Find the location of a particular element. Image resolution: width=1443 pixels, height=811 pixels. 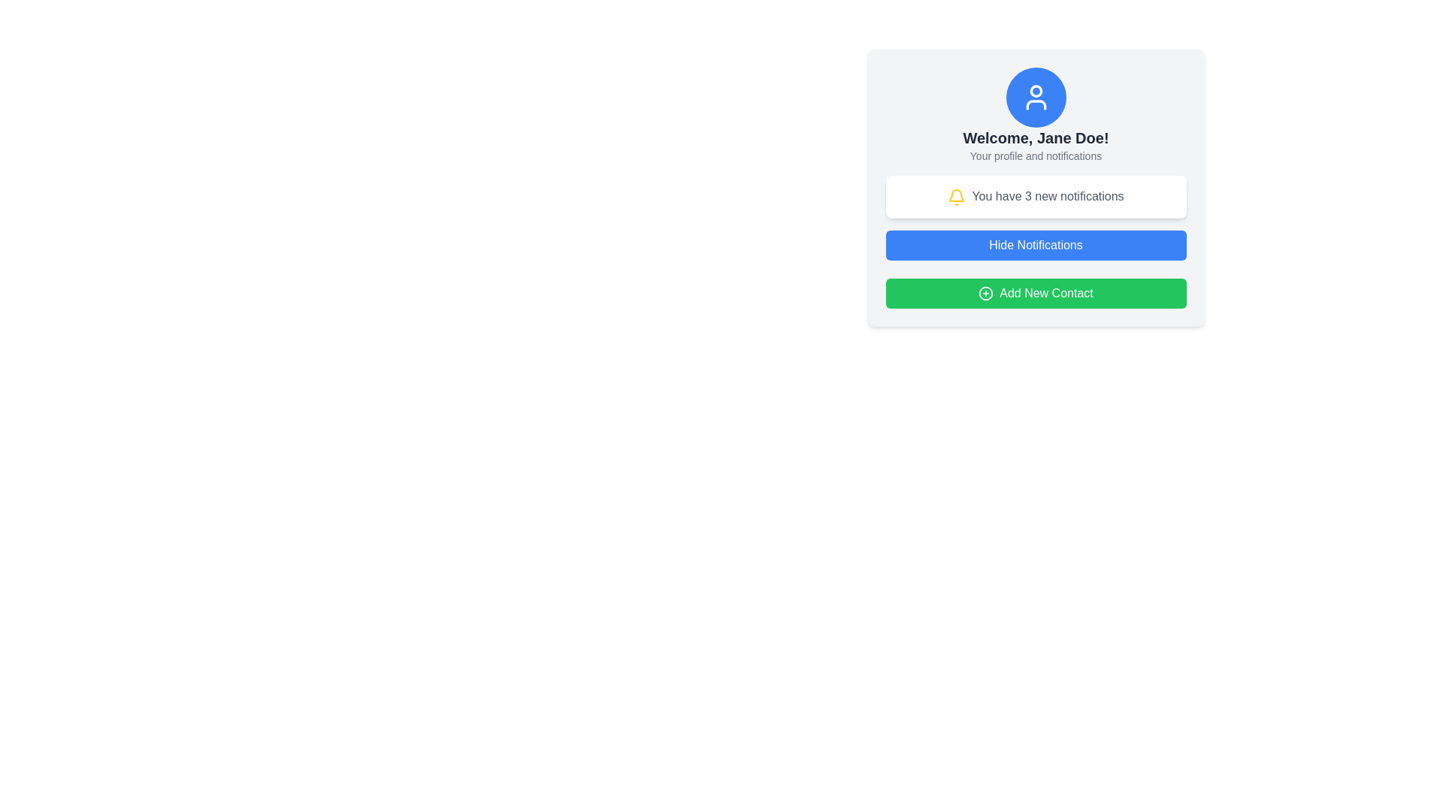

the circular avatar icon representing a user, located at the top of the card component is located at coordinates (1035, 91).